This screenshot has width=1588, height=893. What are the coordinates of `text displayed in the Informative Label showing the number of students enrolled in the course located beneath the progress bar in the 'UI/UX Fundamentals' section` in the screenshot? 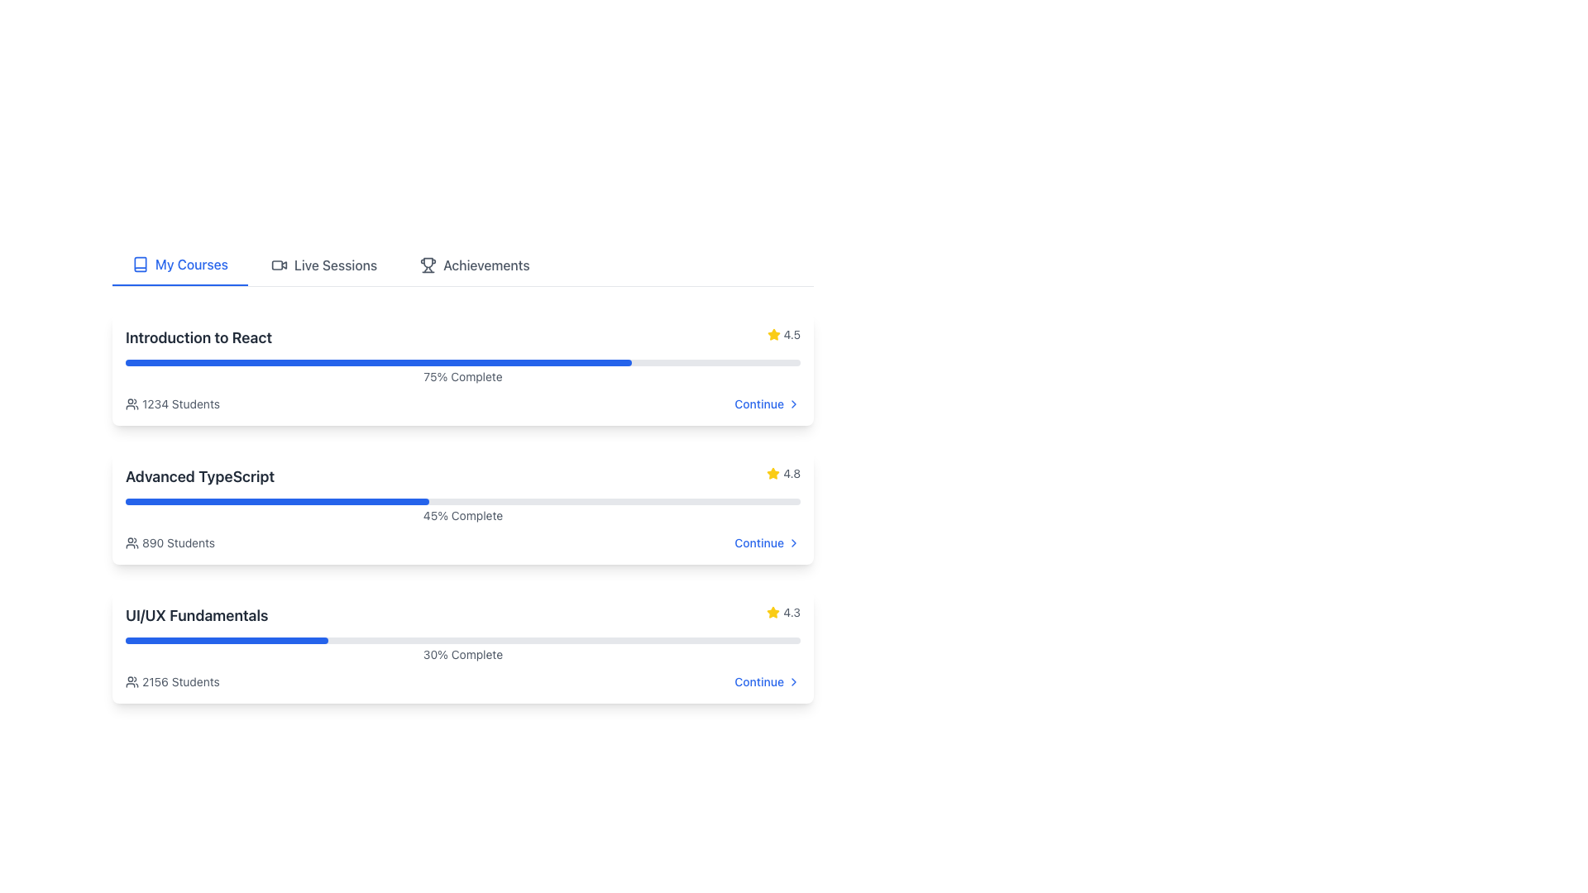 It's located at (172, 682).